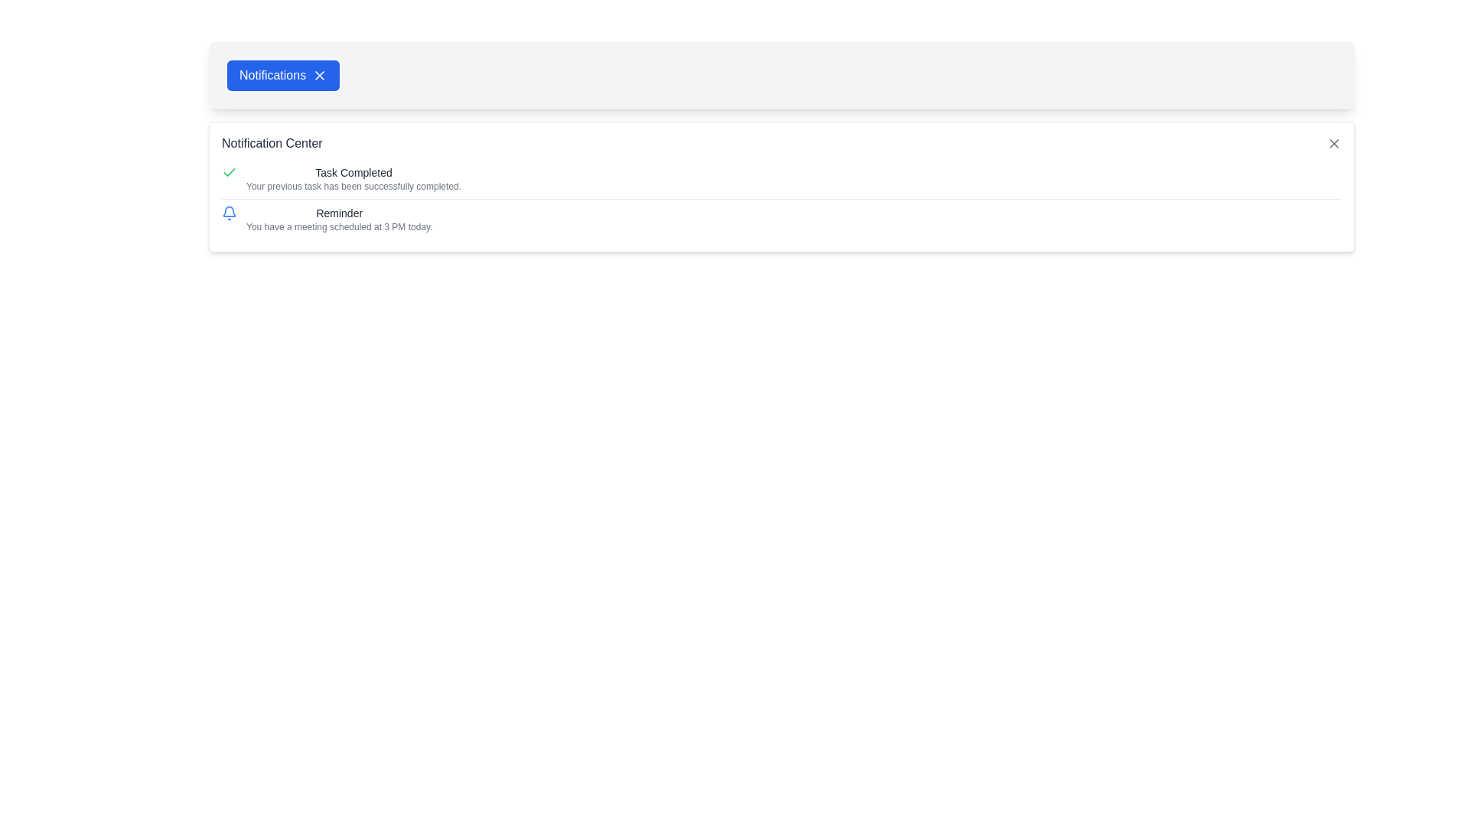  What do you see at coordinates (1333, 144) in the screenshot?
I see `the close button represented by an 'X' icon with gray colors and rounded edges, located at the top-right corner of the 'Notification Center' panel` at bounding box center [1333, 144].